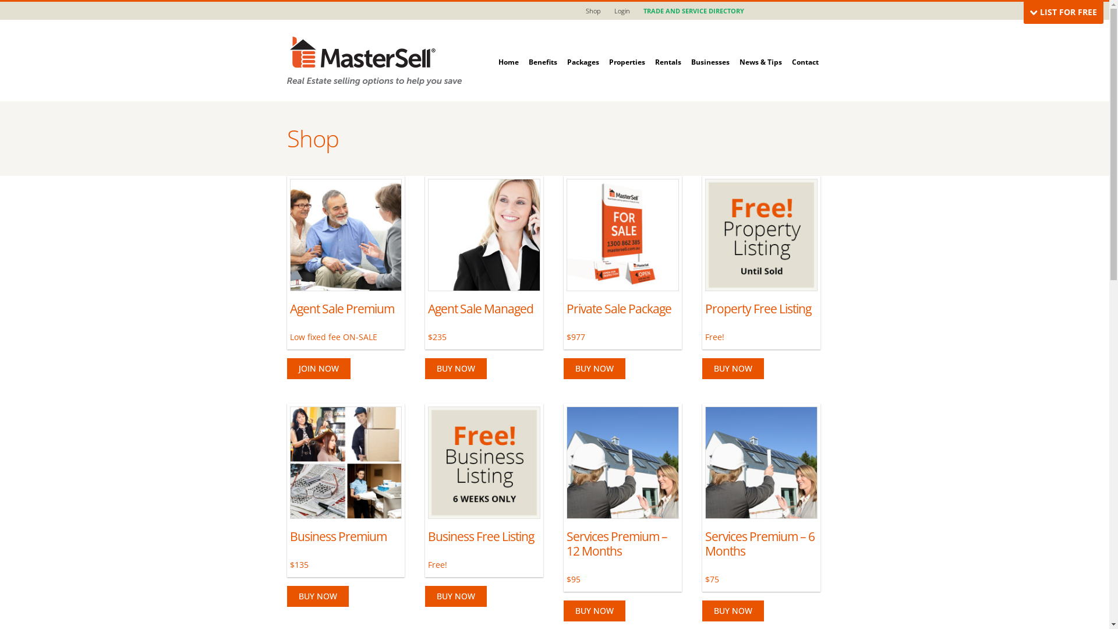 The width and height of the screenshot is (1118, 629). Describe the element at coordinates (626, 49) in the screenshot. I see `'Properties'` at that location.